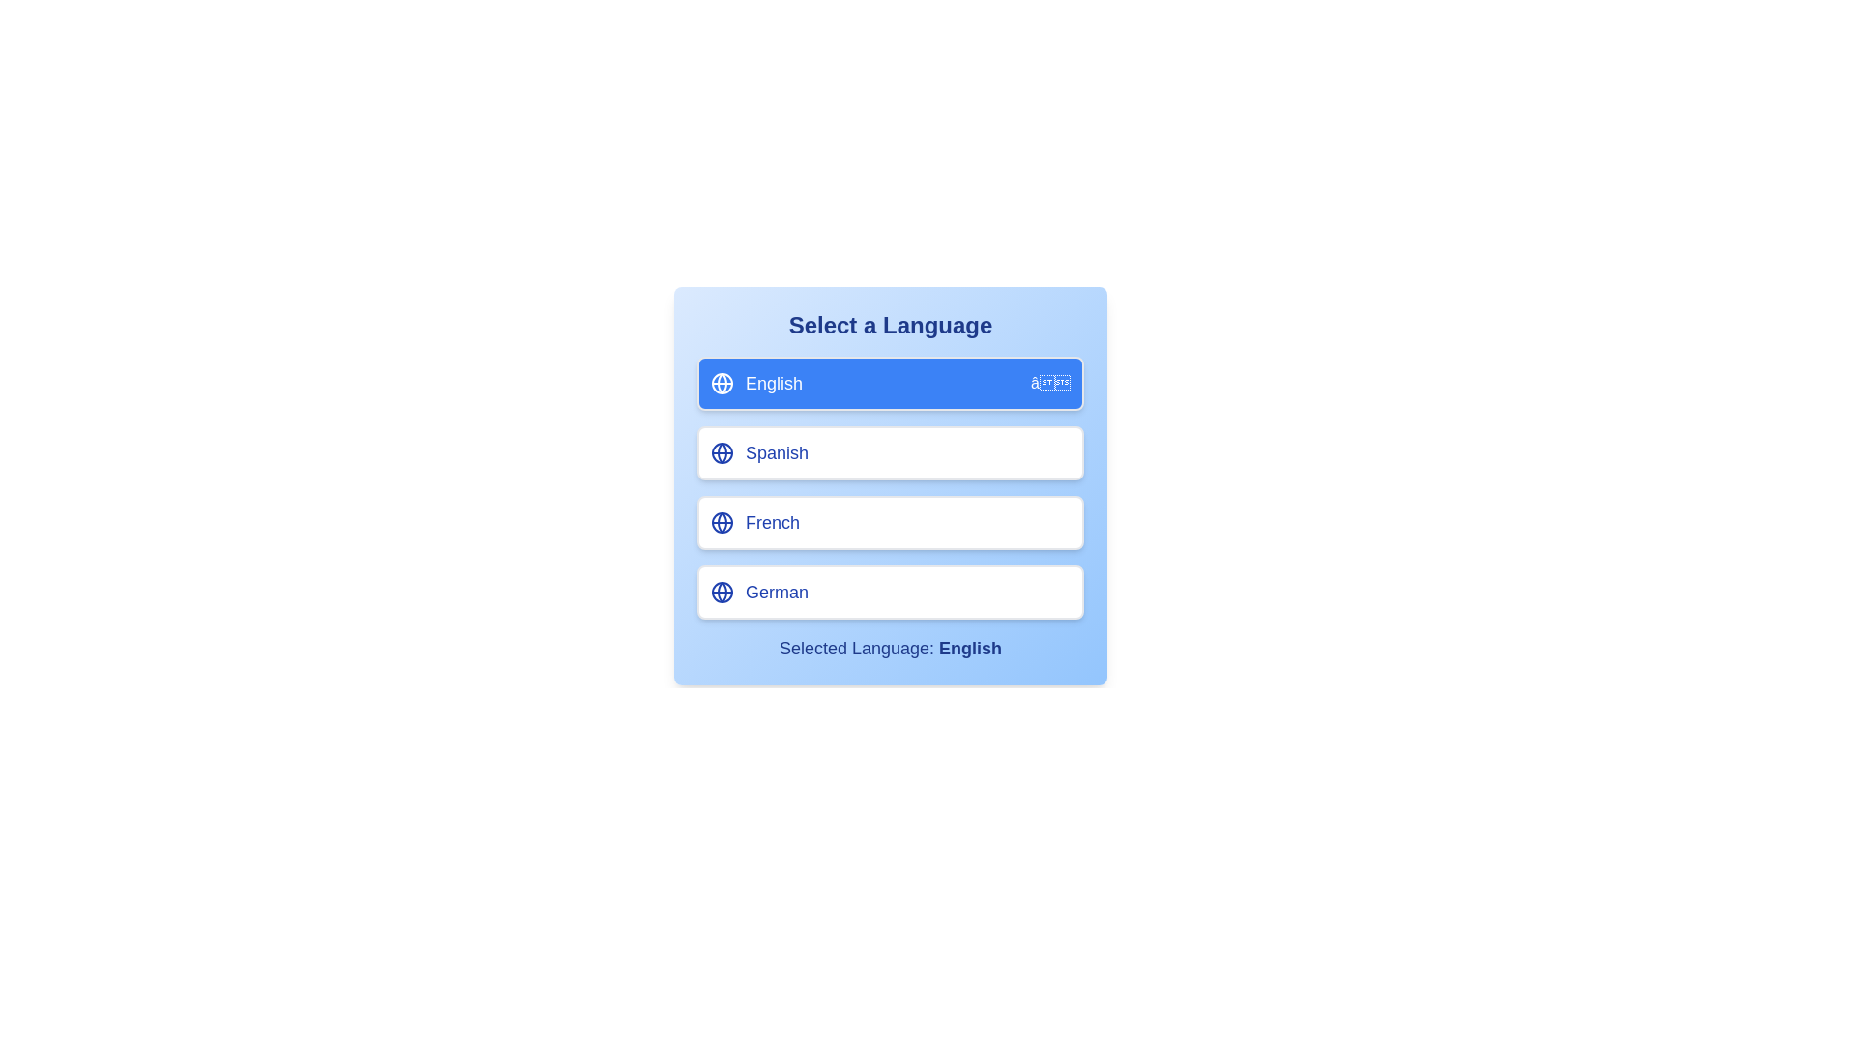 Image resolution: width=1857 pixels, height=1044 pixels. What do you see at coordinates (1049, 384) in the screenshot?
I see `the checkmark icon on the far right of the 'English' language selection item, which is styled with a white color on a blue background` at bounding box center [1049, 384].